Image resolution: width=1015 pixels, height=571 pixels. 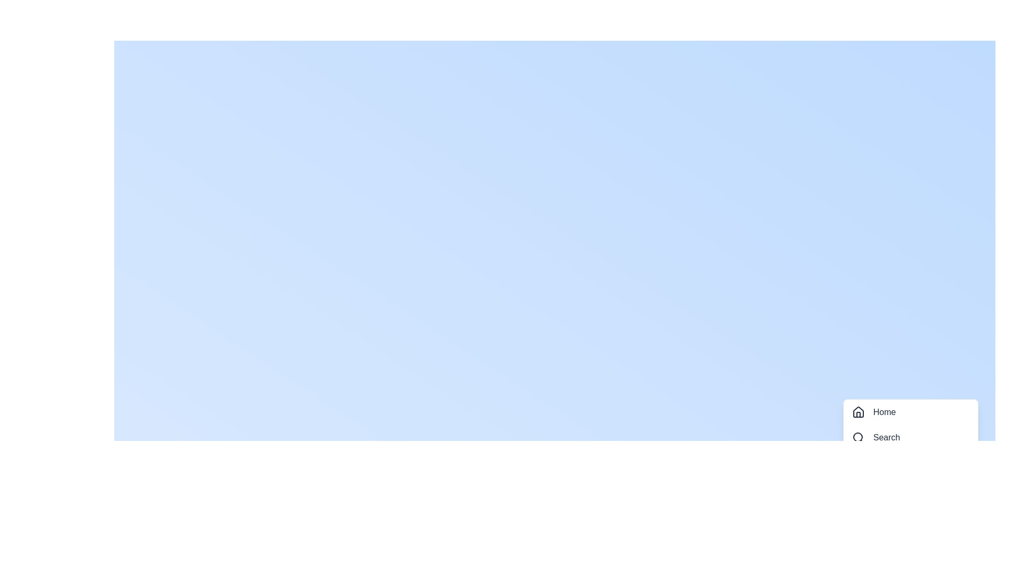 What do you see at coordinates (910, 438) in the screenshot?
I see `the 'Search' menu item, which is the second item in the vertical menu below 'Home', to trigger the hover effect` at bounding box center [910, 438].